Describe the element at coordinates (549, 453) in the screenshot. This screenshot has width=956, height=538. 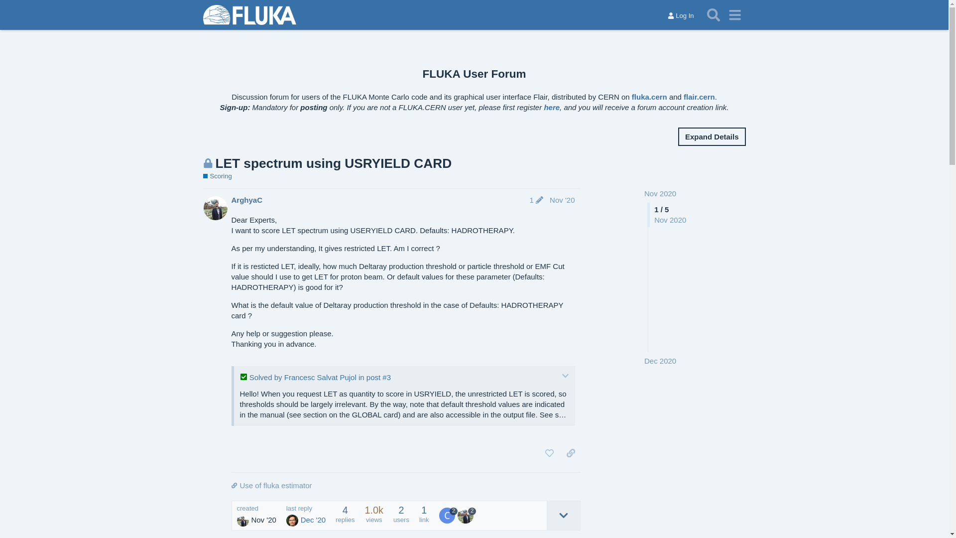
I see `'like this post'` at that location.